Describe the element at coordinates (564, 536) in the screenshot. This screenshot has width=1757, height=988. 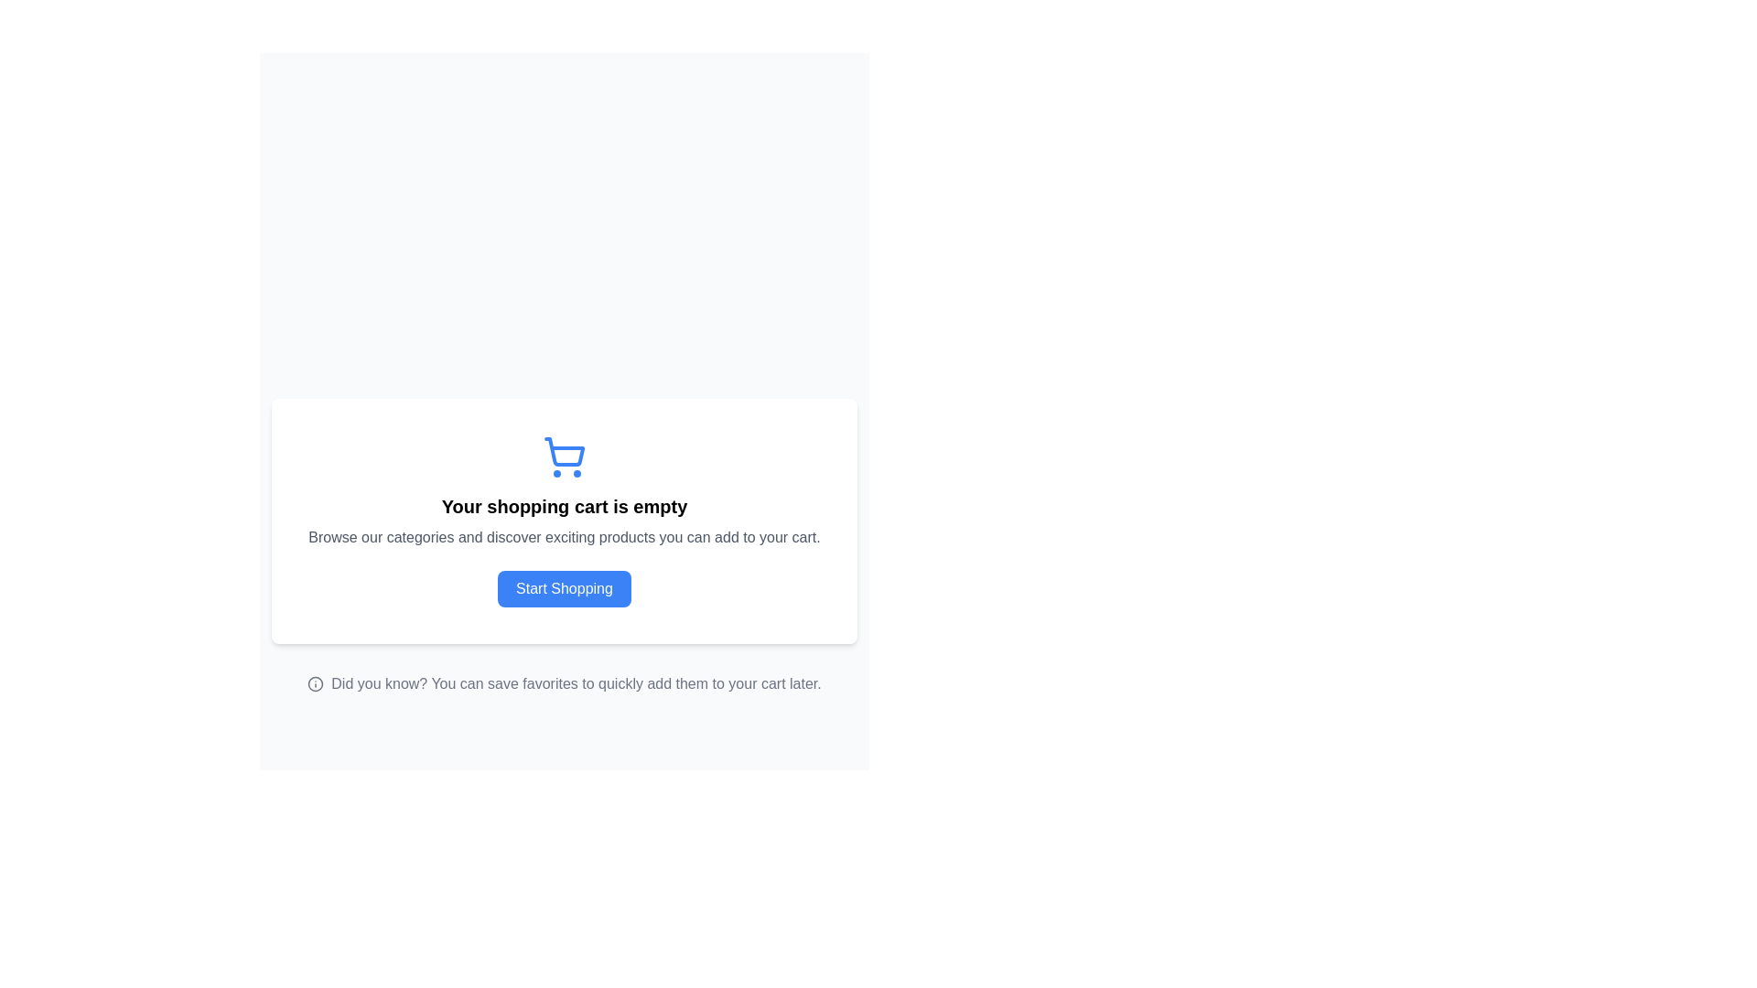
I see `the second static text element that provides guidance on exploring categories, positioned below the heading 'Your shopping cart is empty' and above the 'Start Shopping' button` at that location.